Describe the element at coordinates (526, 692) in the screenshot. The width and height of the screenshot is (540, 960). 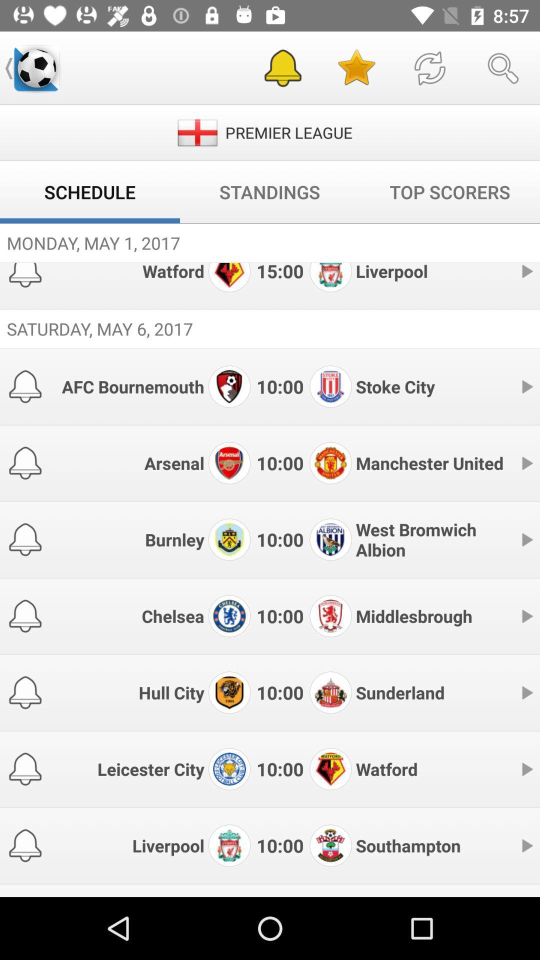
I see `play button which is on the right side of sunderland` at that location.